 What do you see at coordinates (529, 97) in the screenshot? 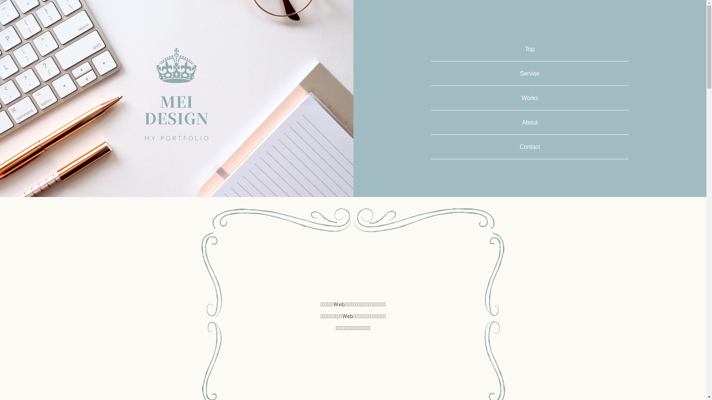
I see `'Works'` at bounding box center [529, 97].